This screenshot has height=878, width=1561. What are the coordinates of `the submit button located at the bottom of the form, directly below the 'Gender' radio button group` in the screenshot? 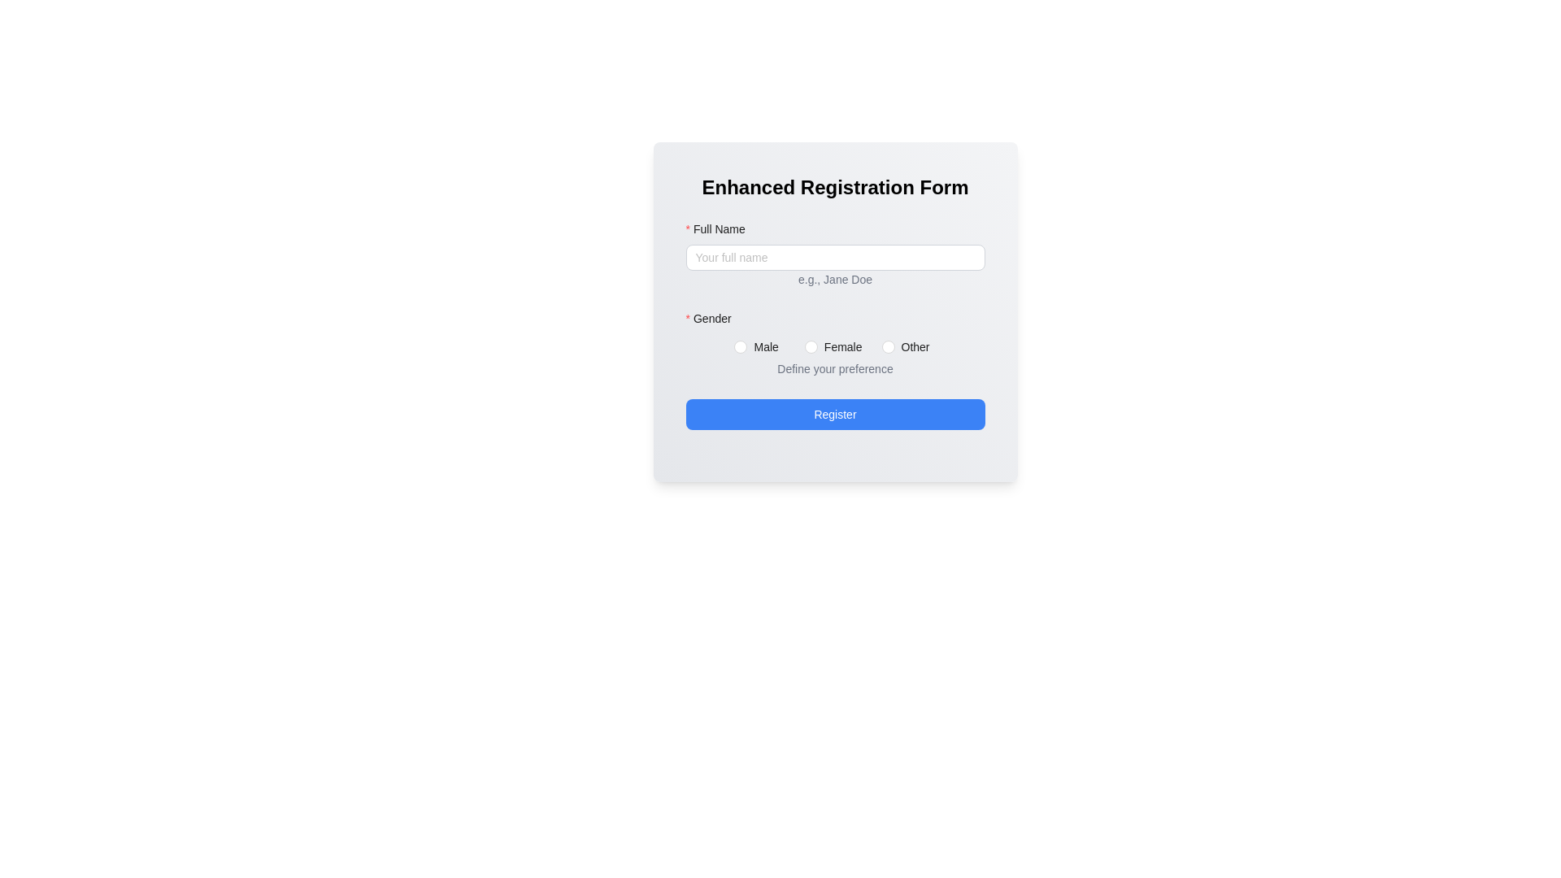 It's located at (835, 413).